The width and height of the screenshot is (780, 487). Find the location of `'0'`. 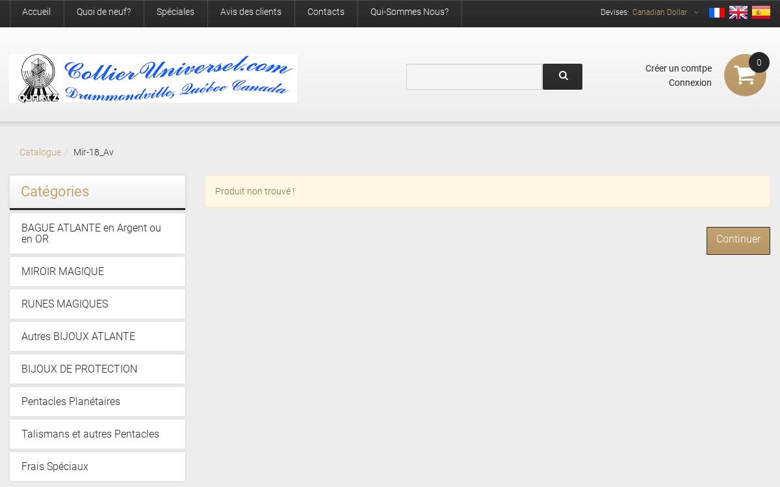

'0' is located at coordinates (758, 62).